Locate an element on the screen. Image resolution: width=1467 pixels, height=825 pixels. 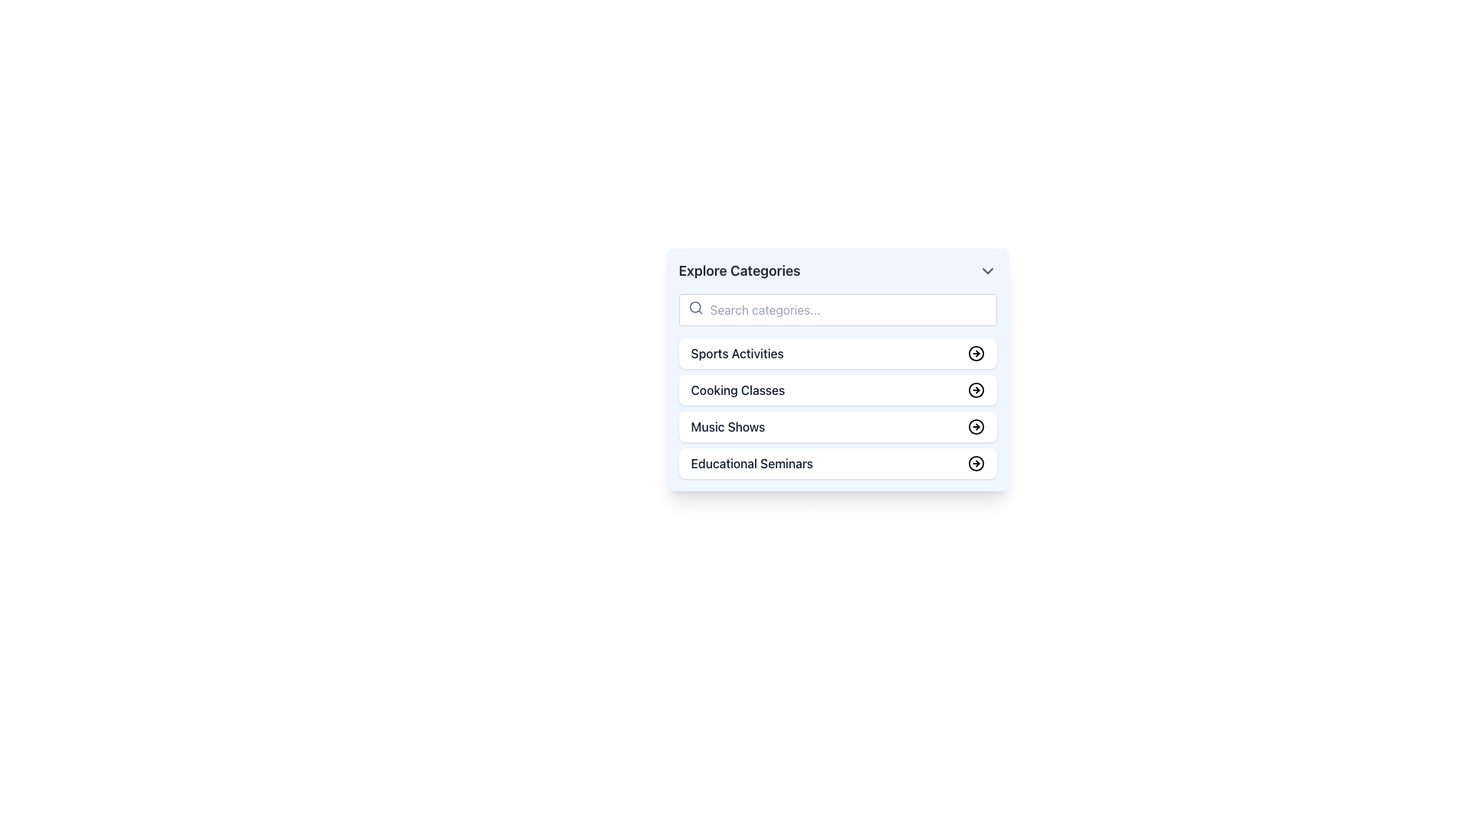
the 'Educational Seminars' text label, which is the fourth list item under the 'Explore Categories' heading is located at coordinates (752, 462).